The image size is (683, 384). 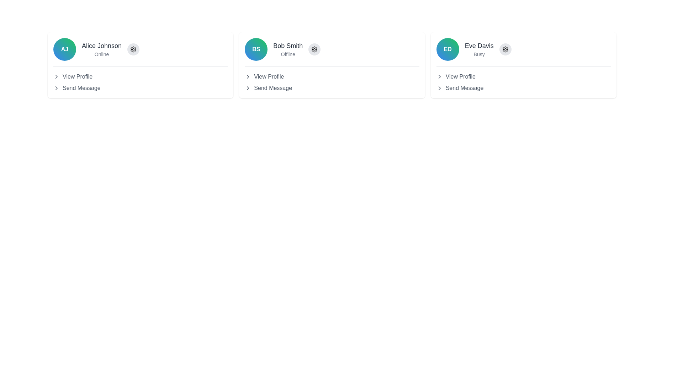 What do you see at coordinates (272, 87) in the screenshot?
I see `the Text link for sending a message to Bob Smith located below the 'View Profile' option in the profile card` at bounding box center [272, 87].